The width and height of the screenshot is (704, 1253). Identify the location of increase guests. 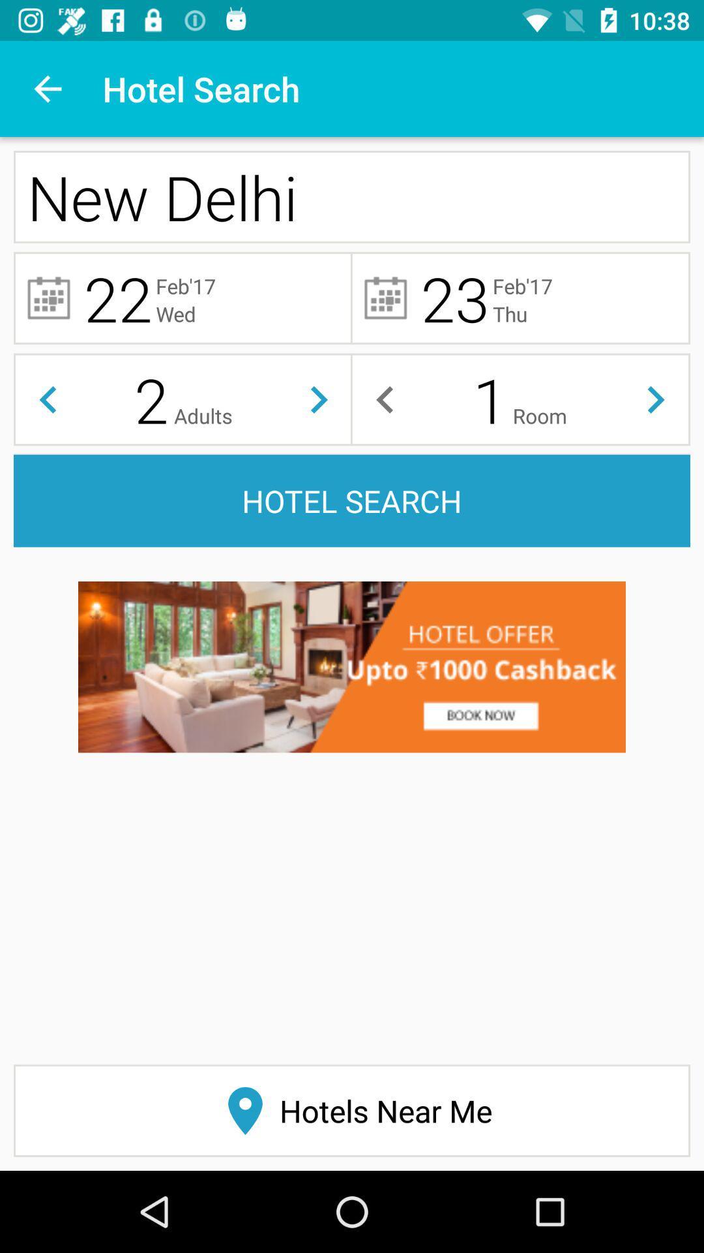
(319, 399).